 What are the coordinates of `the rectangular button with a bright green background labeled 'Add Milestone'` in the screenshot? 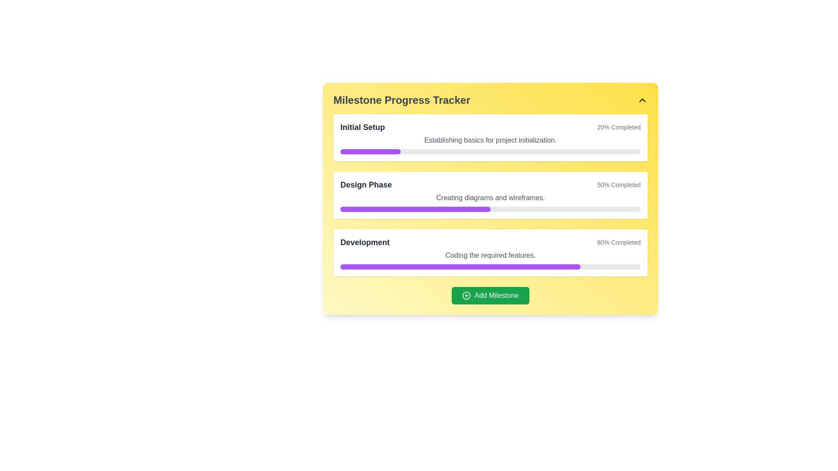 It's located at (490, 295).